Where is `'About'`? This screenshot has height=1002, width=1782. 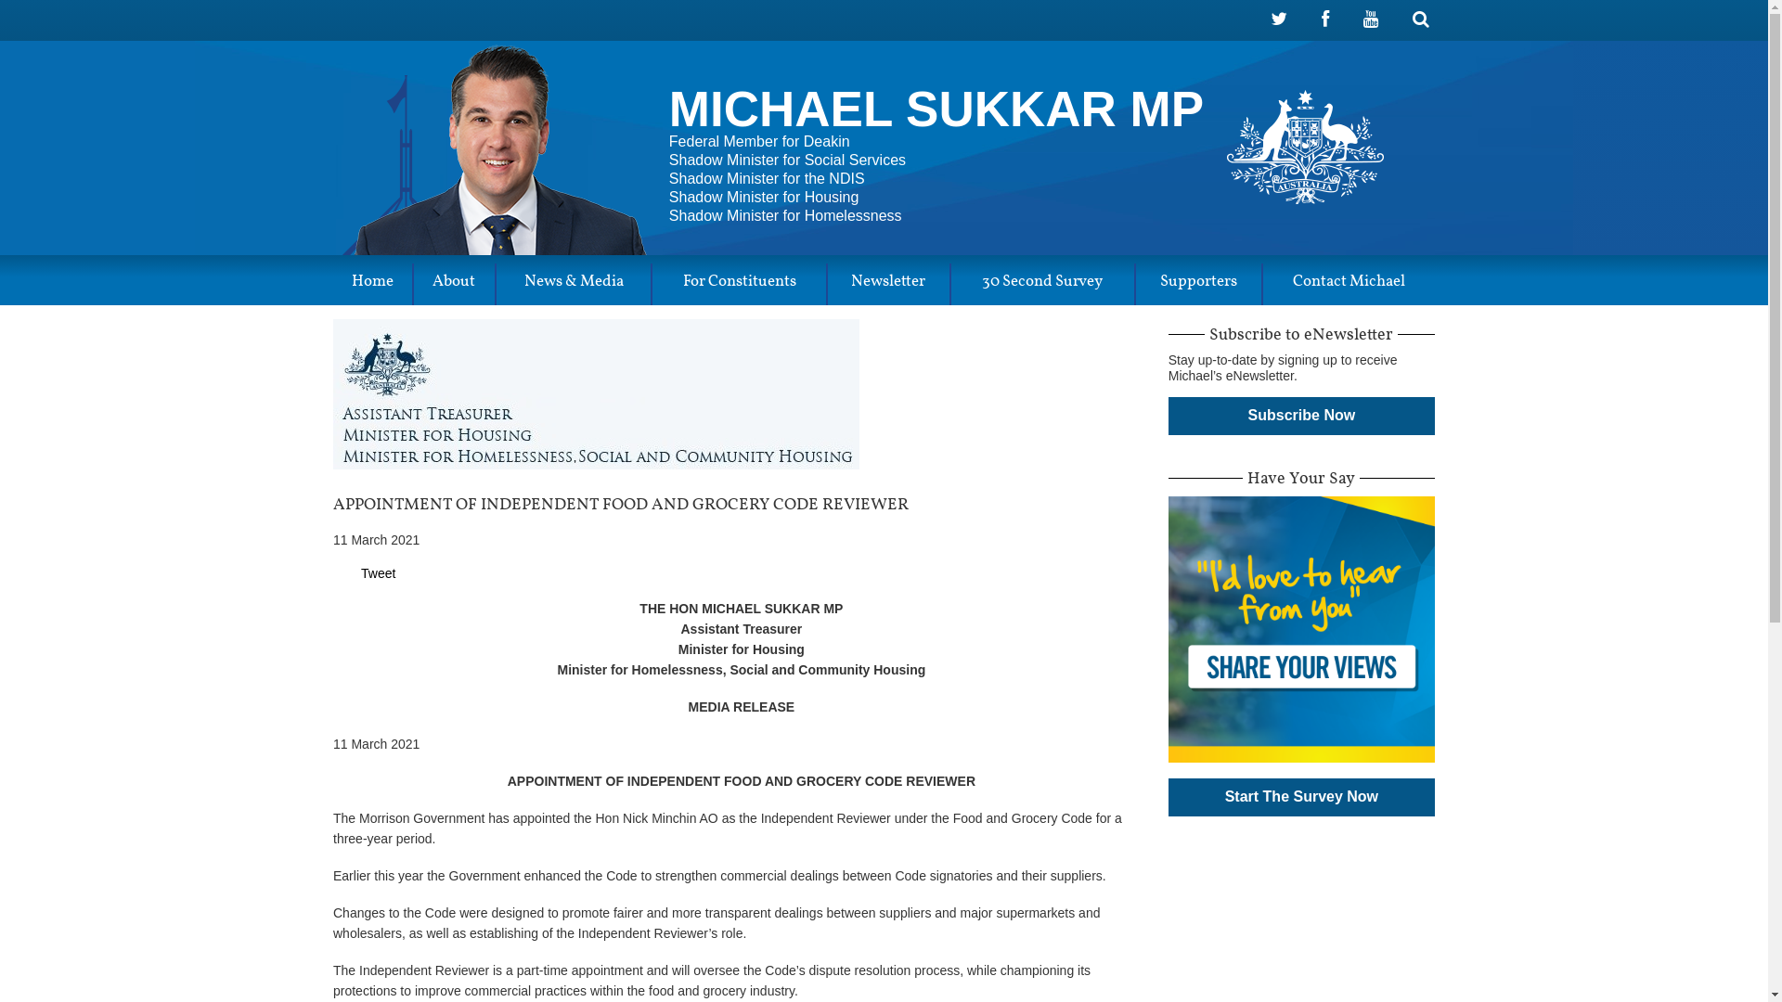 'About' is located at coordinates (454, 284).